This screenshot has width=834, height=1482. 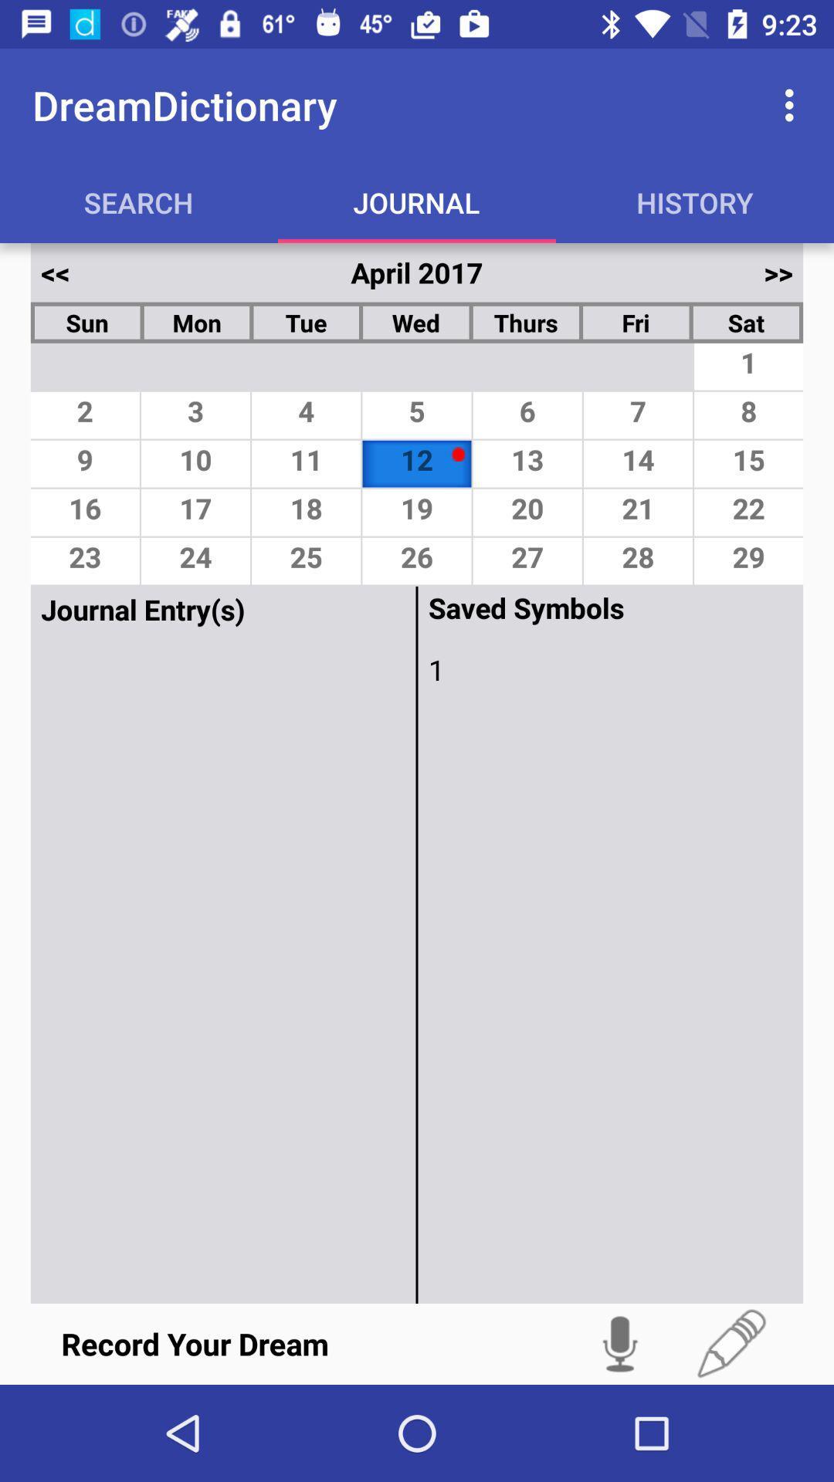 What do you see at coordinates (793, 104) in the screenshot?
I see `the item above the history` at bounding box center [793, 104].